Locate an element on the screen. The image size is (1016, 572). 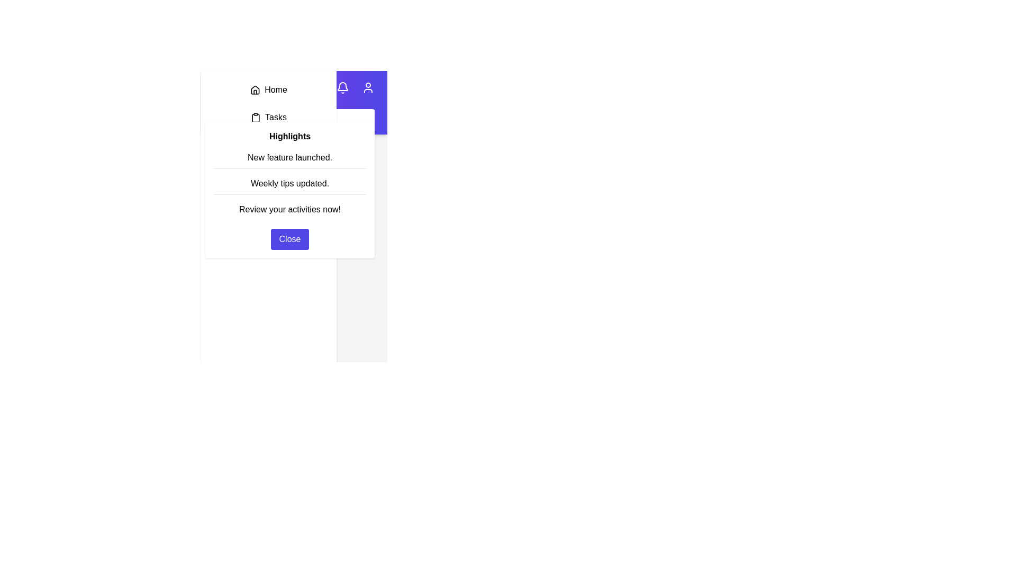
the static text element displaying 'Weekly tips updated.' located in the Highlights section of the modal window is located at coordinates (289, 183).